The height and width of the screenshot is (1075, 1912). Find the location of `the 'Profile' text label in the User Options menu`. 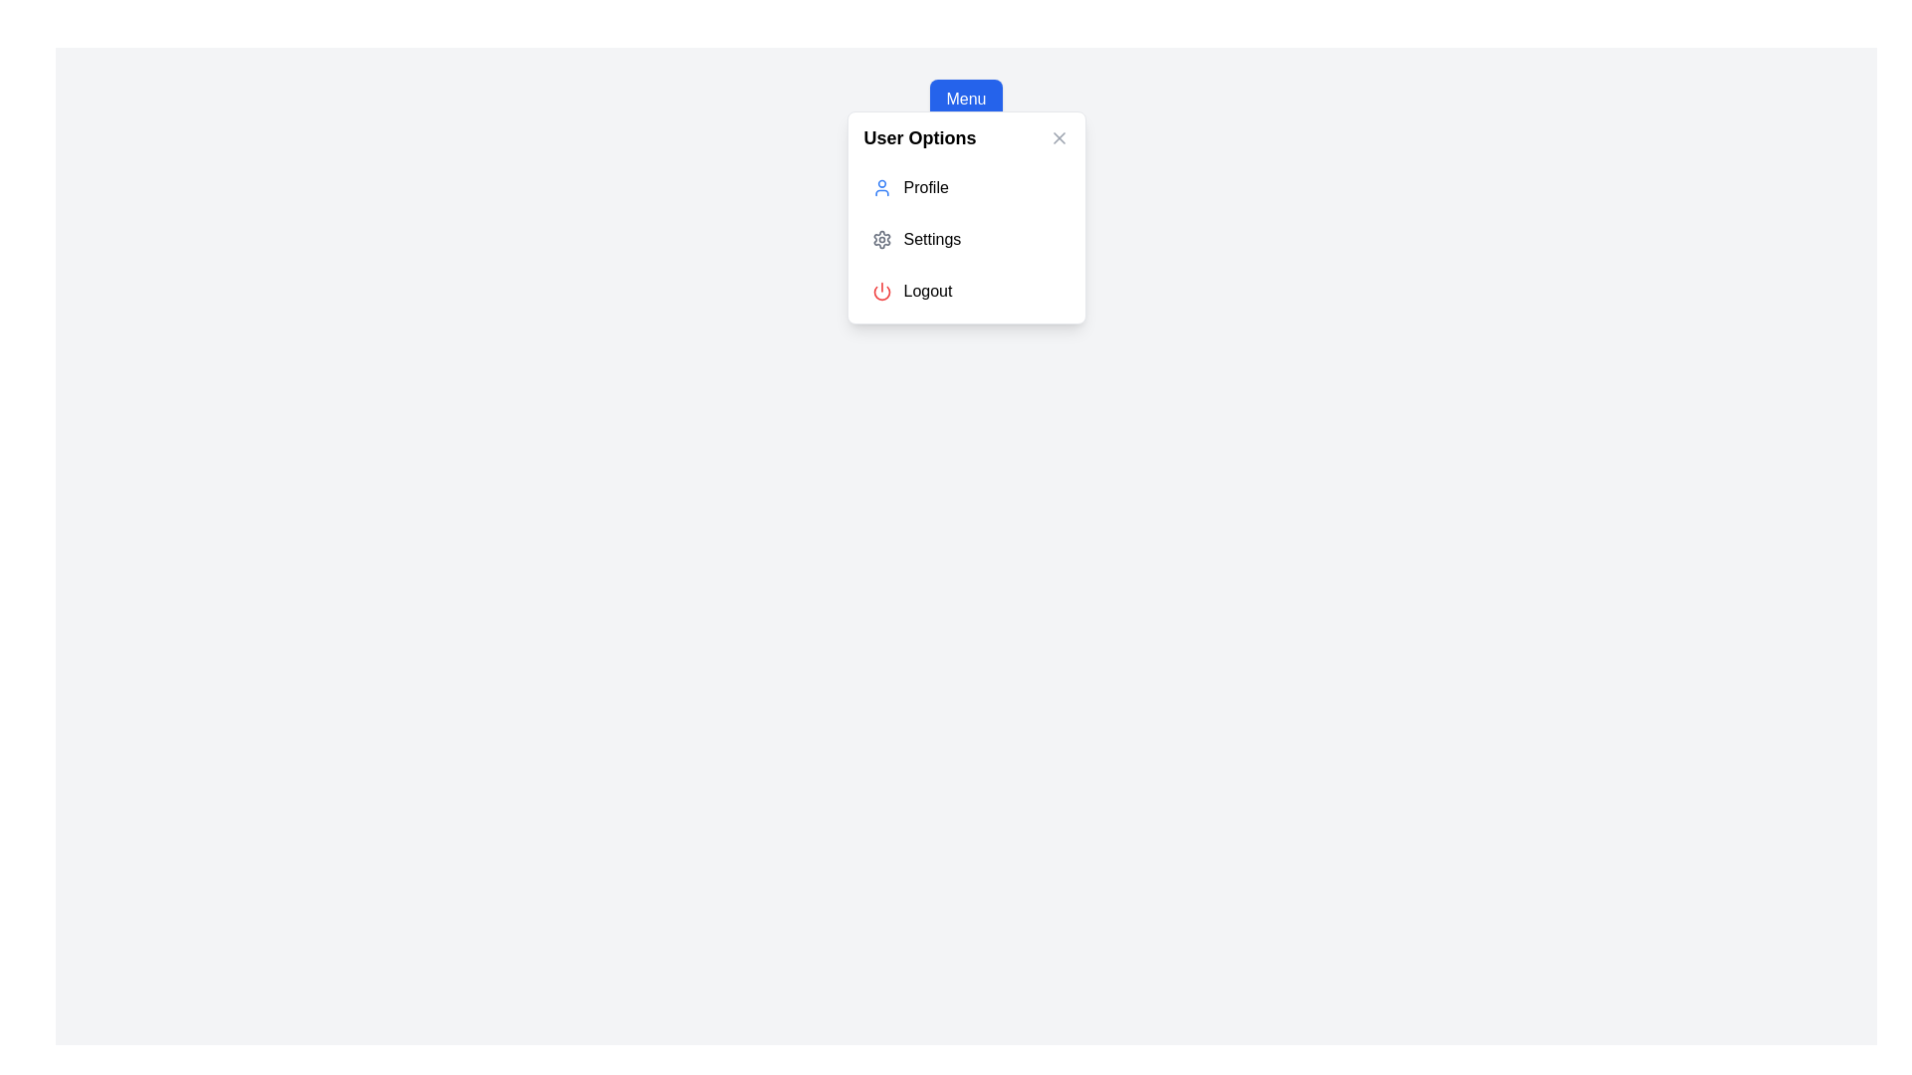

the 'Profile' text label in the User Options menu is located at coordinates (925, 188).